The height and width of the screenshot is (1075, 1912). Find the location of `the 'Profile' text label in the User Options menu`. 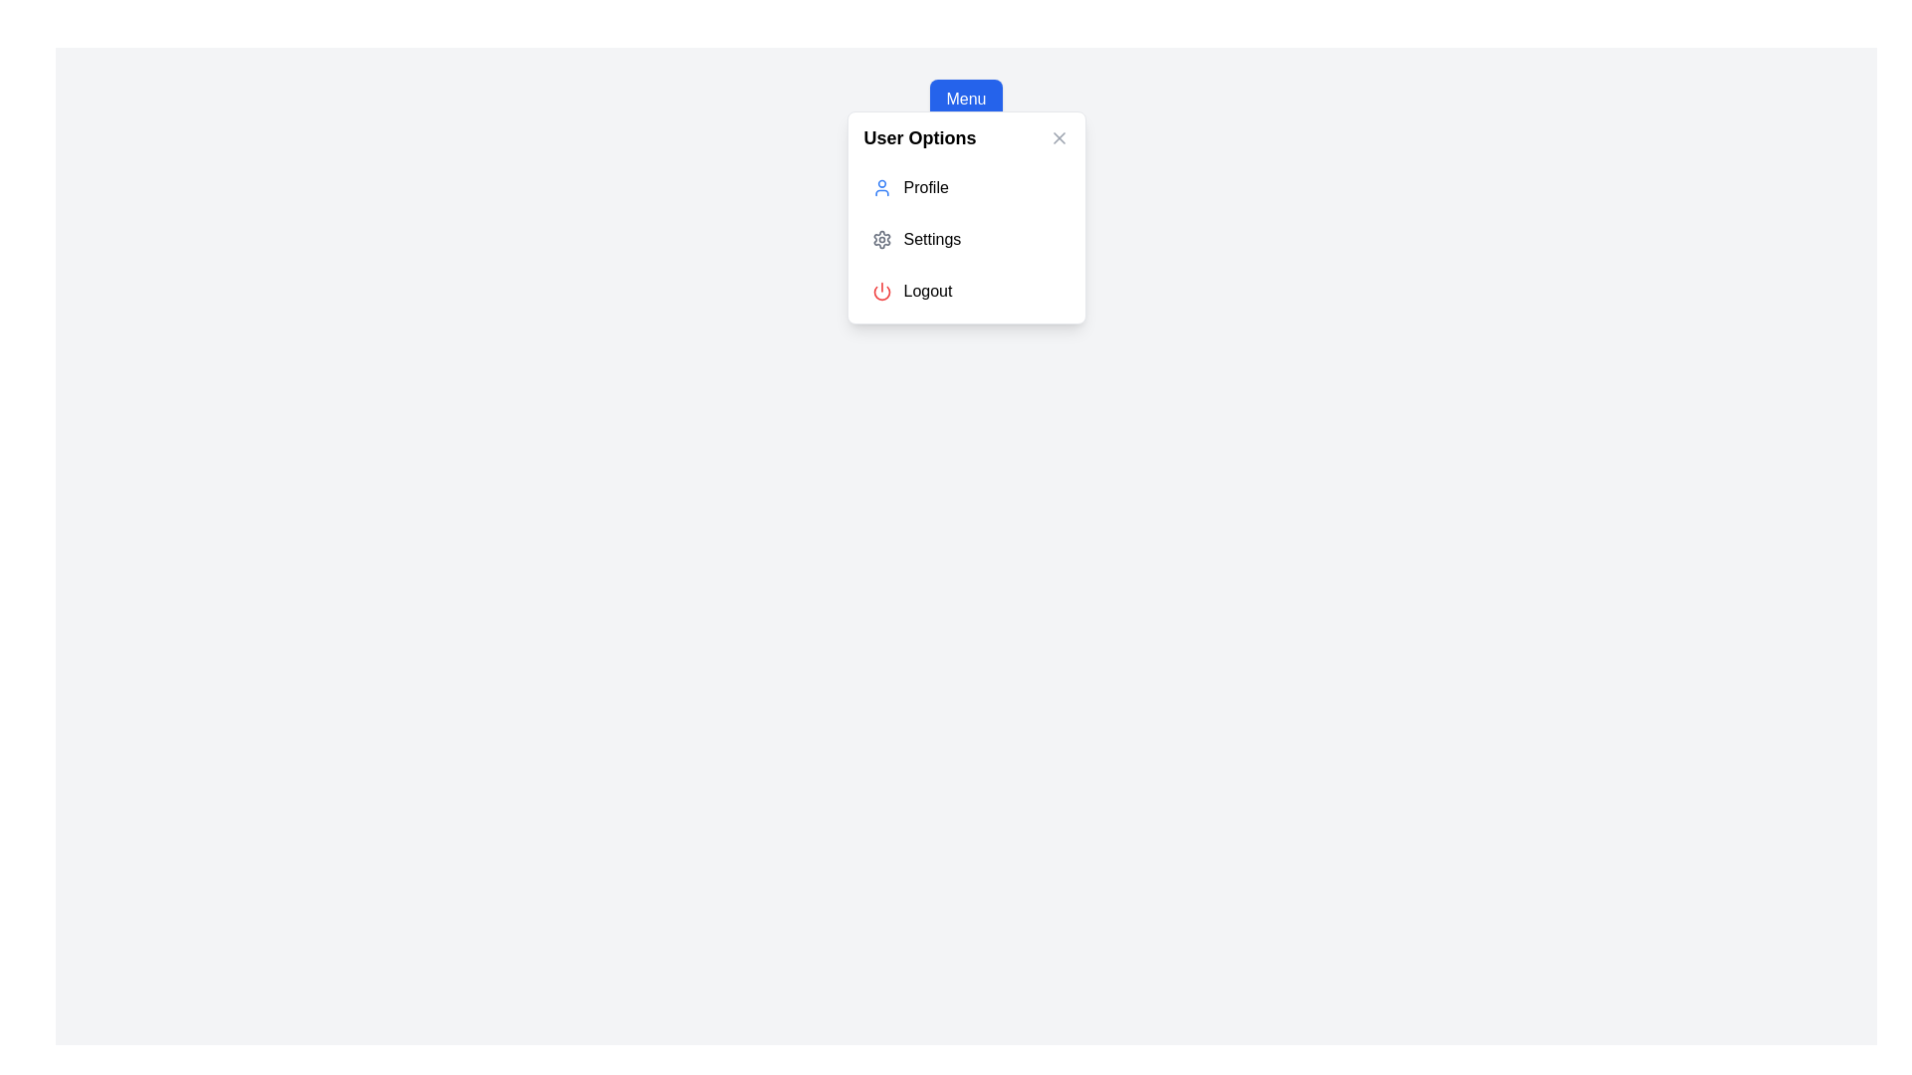

the 'Profile' text label in the User Options menu is located at coordinates (925, 188).